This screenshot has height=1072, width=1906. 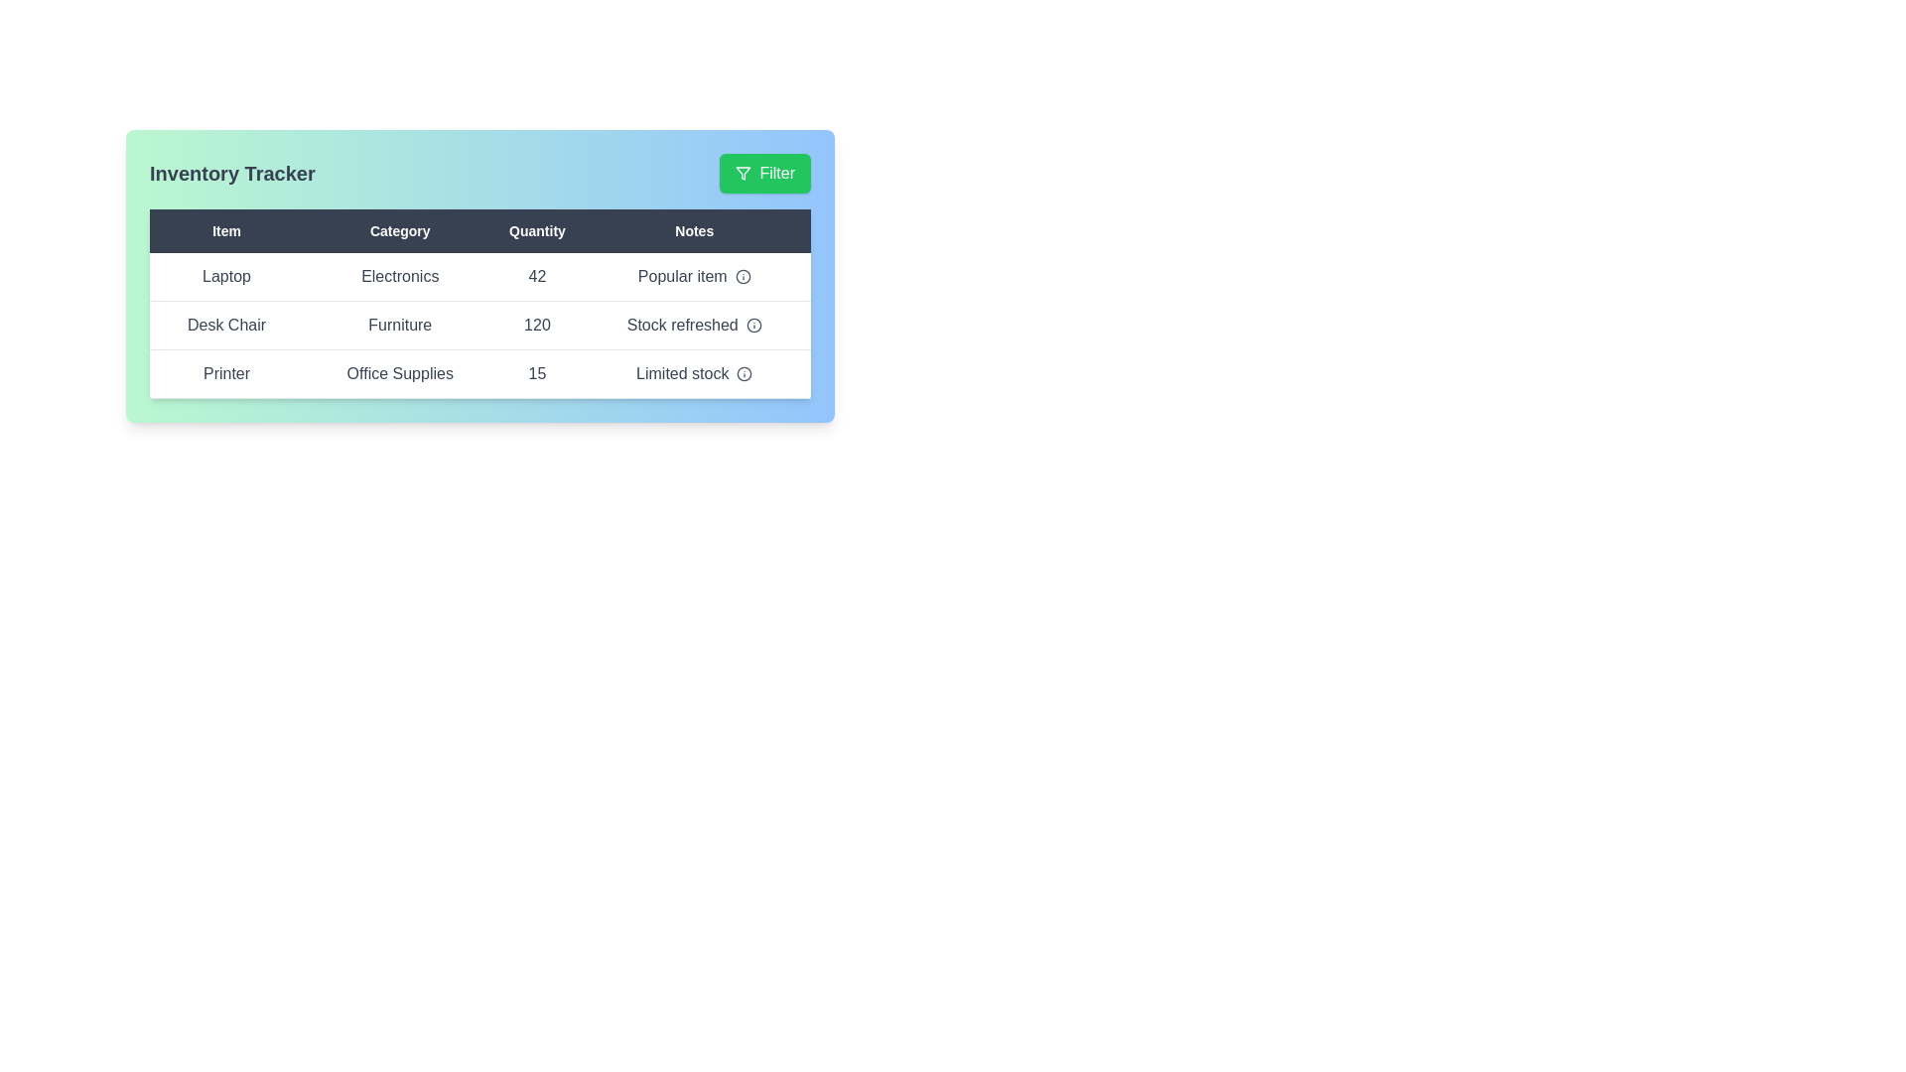 I want to click on the cell containing Office Supplies to select its text, so click(x=399, y=374).